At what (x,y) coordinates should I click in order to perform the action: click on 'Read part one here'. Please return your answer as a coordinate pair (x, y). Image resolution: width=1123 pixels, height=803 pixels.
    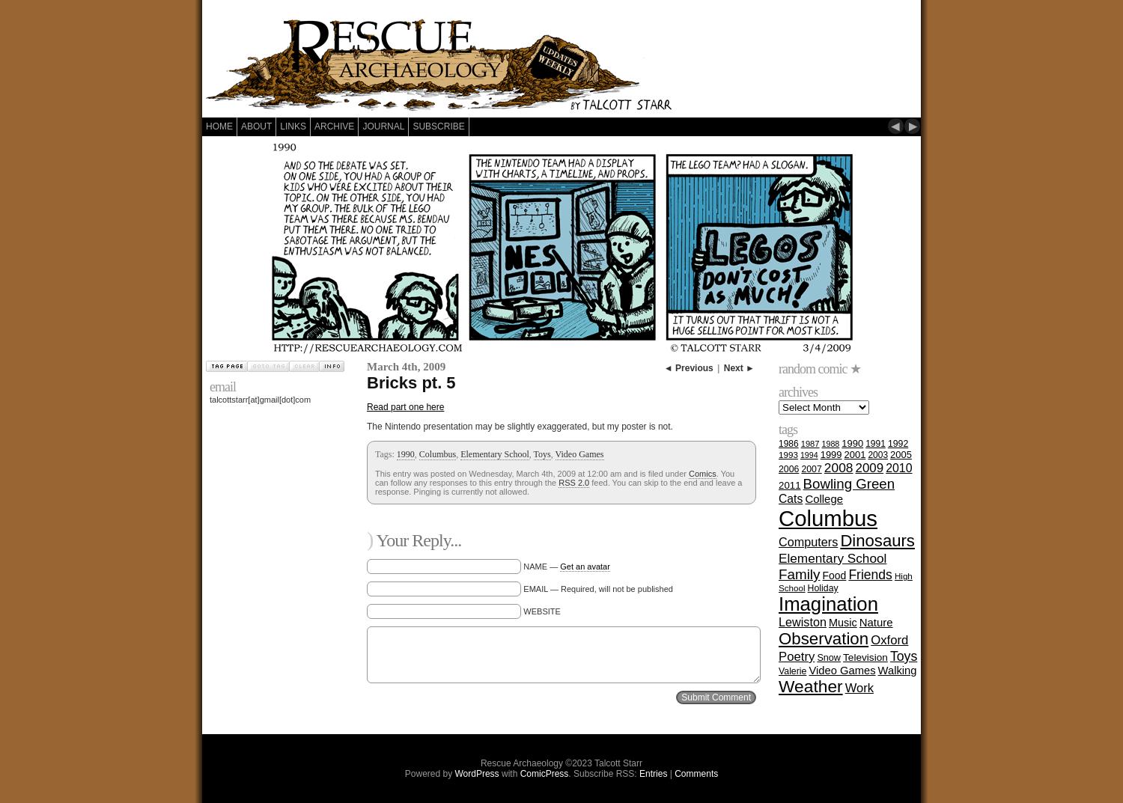
    Looking at the image, I should click on (405, 407).